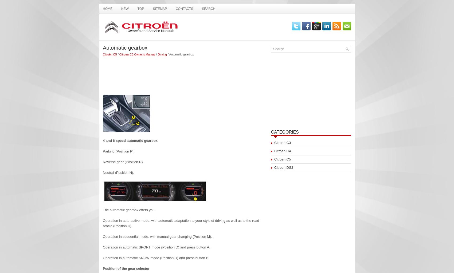 The height and width of the screenshot is (273, 454). I want to click on 'Citroën C5', so click(109, 54).